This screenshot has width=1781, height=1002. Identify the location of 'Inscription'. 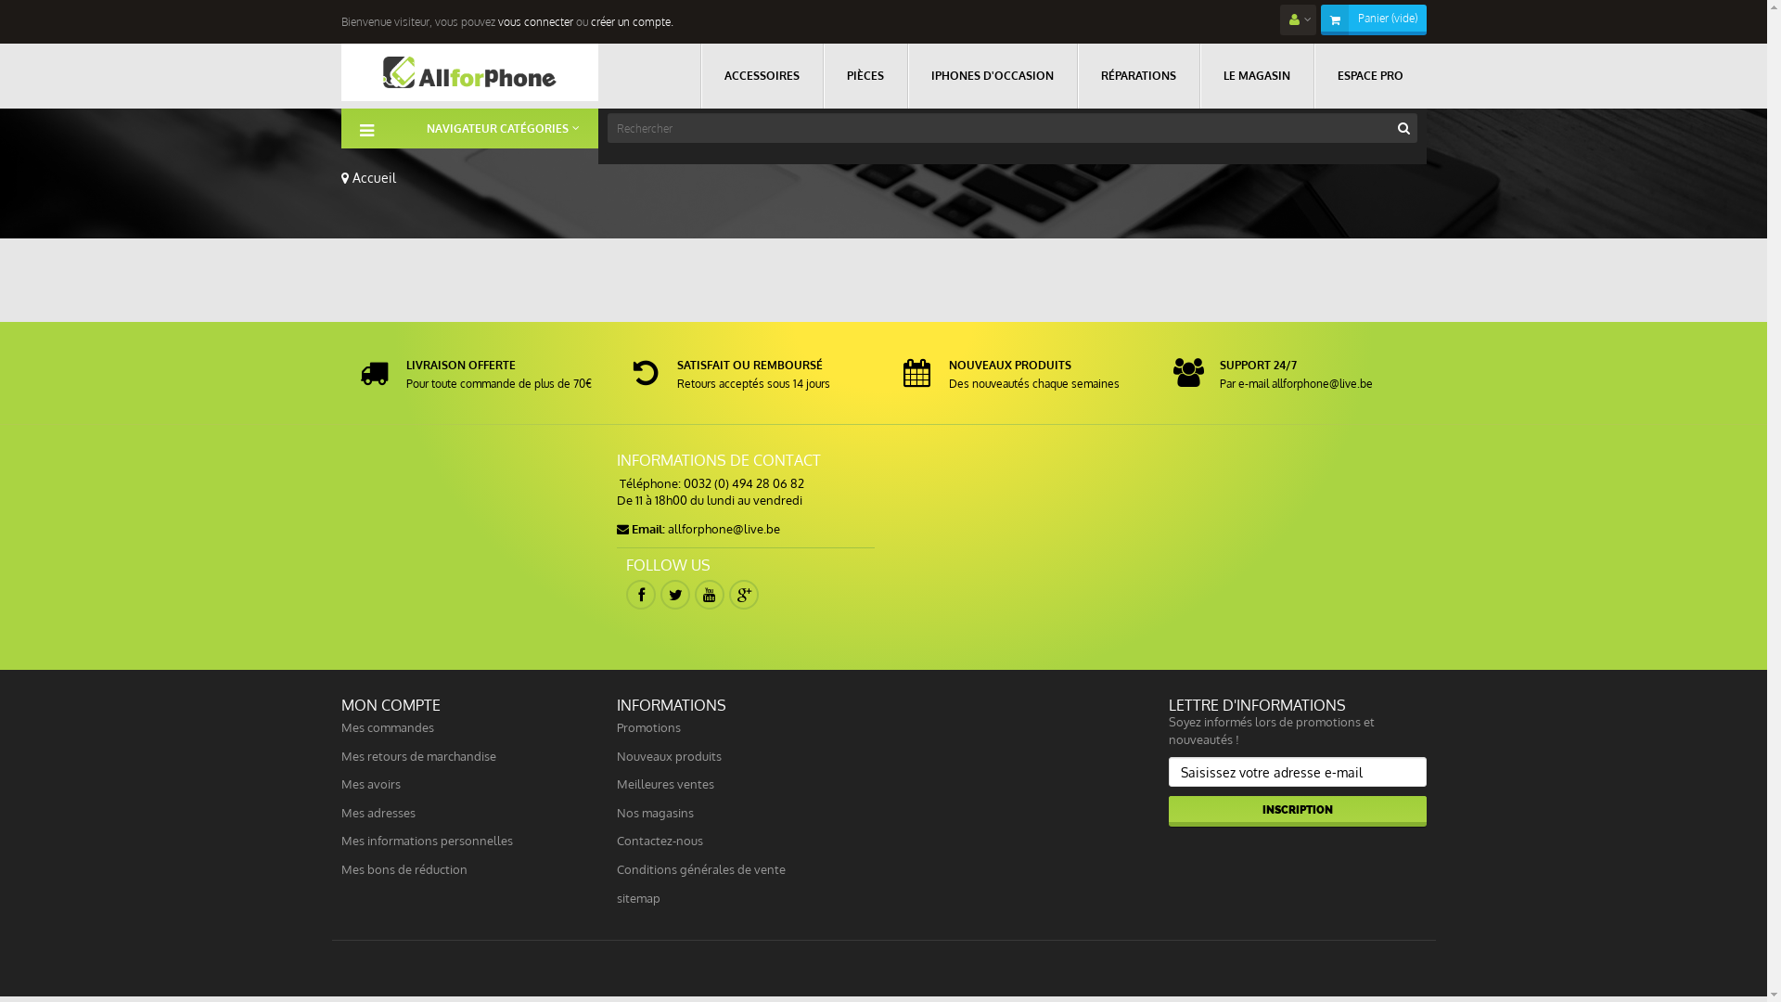
(1296, 810).